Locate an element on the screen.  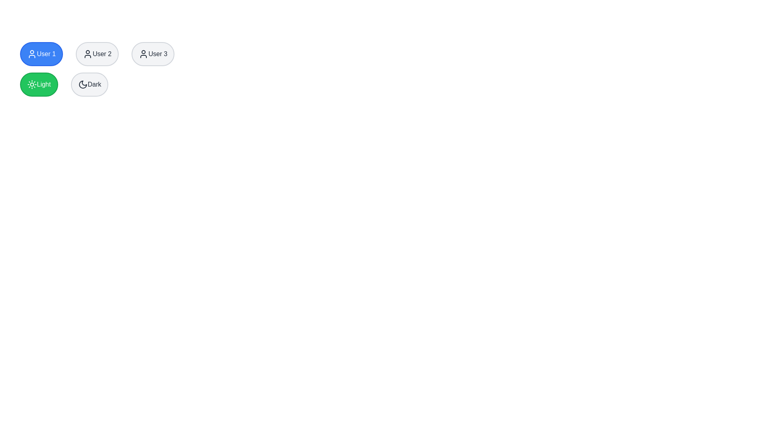
the green 'Light' button with a sun icon is located at coordinates (38, 85).